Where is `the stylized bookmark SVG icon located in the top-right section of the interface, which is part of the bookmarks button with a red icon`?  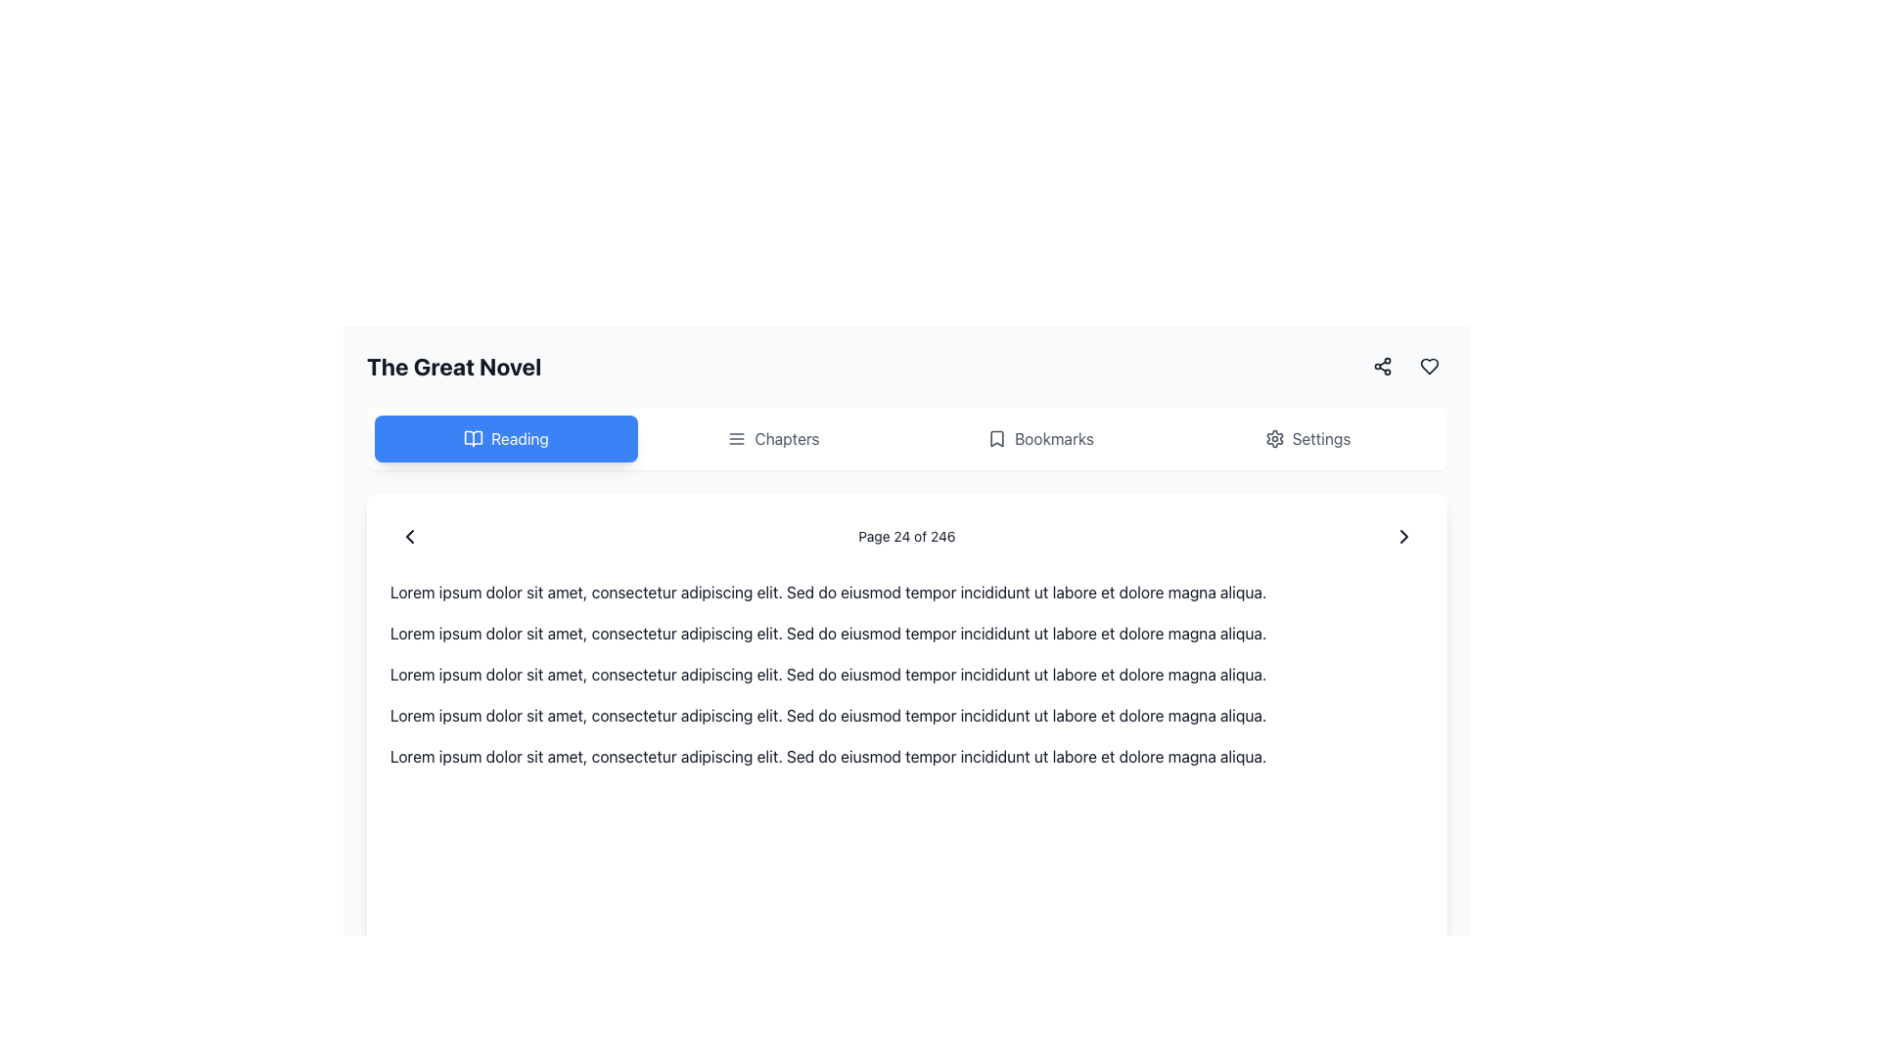
the stylized bookmark SVG icon located in the top-right section of the interface, which is part of the bookmarks button with a red icon is located at coordinates (997, 437).